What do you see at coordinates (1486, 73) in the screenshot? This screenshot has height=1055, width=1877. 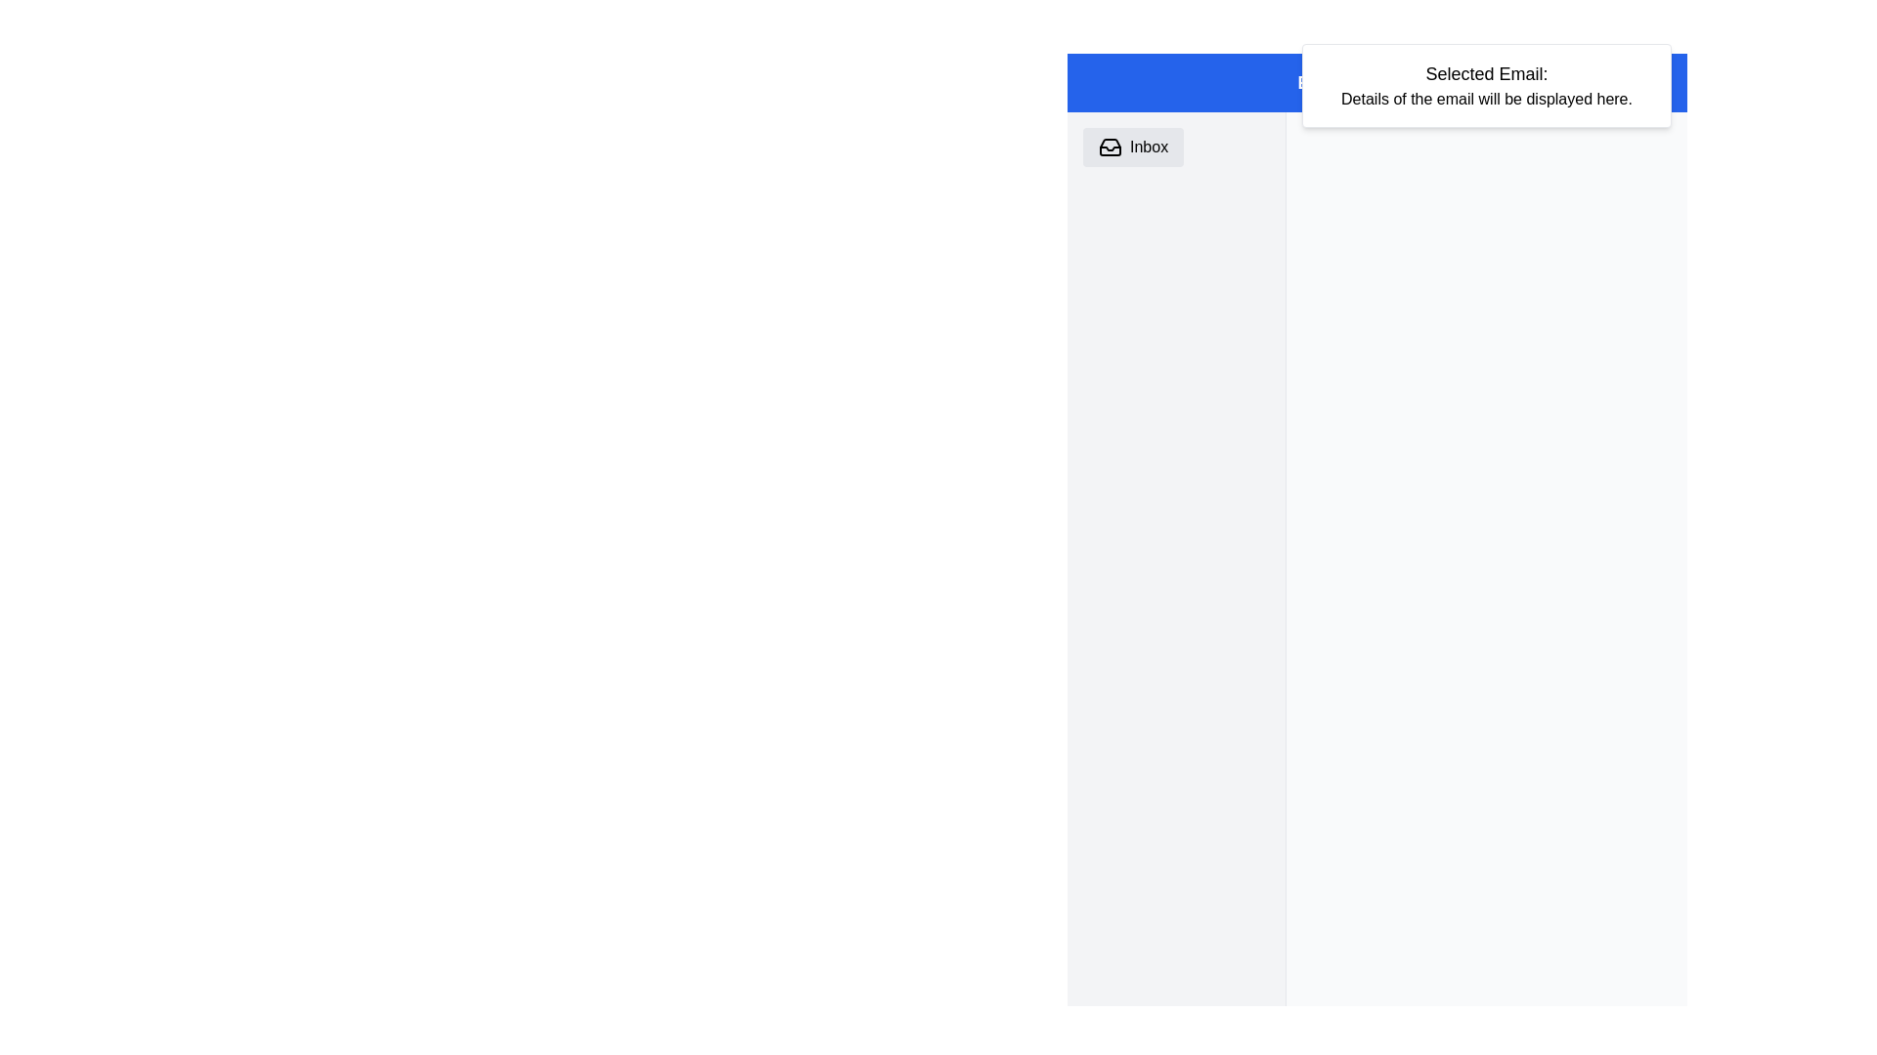 I see `the Text Label that serves as a heading for the email context, positioned at the top center of the application interface` at bounding box center [1486, 73].